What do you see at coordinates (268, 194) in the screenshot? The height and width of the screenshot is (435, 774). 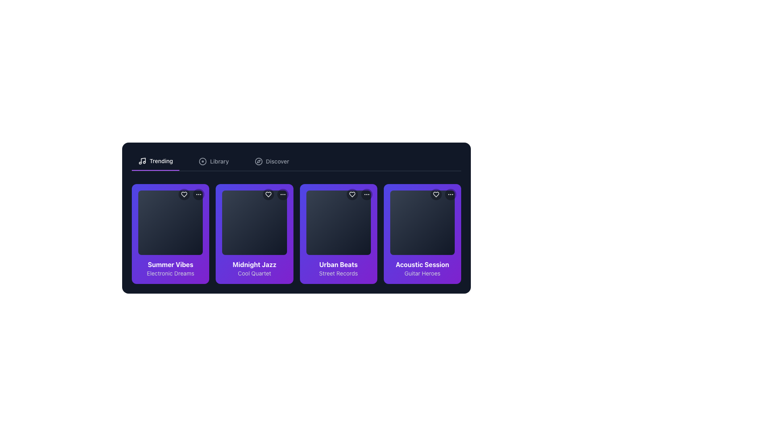 I see `the 'like' button located at the top right corner of the 'Midnight Jazz' card` at bounding box center [268, 194].